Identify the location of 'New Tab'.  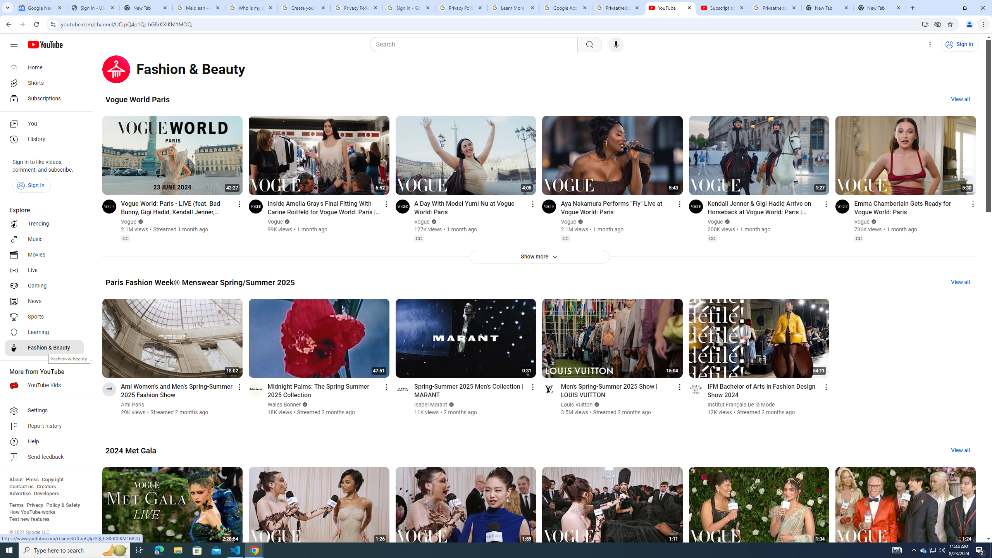
(880, 7).